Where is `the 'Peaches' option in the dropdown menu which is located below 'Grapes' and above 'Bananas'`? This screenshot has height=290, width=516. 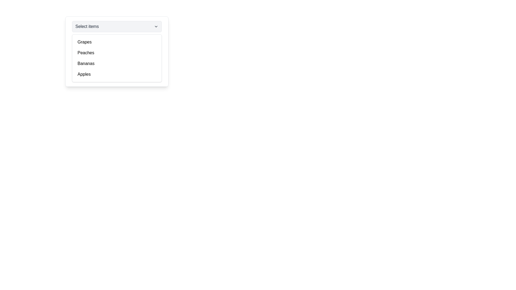 the 'Peaches' option in the dropdown menu which is located below 'Grapes' and above 'Bananas' is located at coordinates (85, 53).